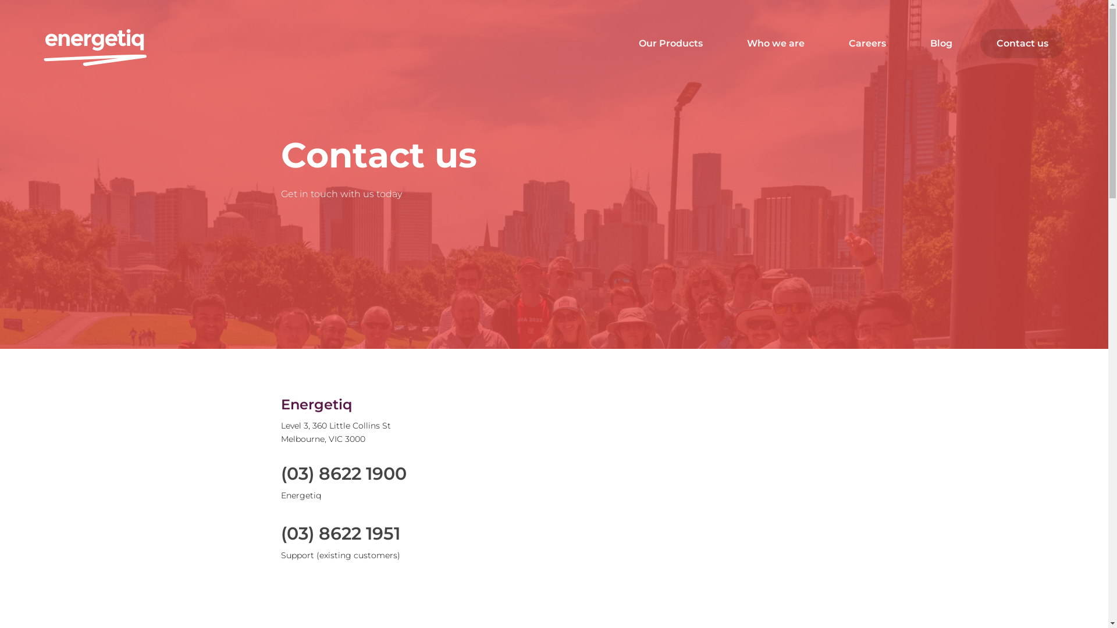 The width and height of the screenshot is (1117, 628). What do you see at coordinates (867, 42) in the screenshot?
I see `'Careers'` at bounding box center [867, 42].